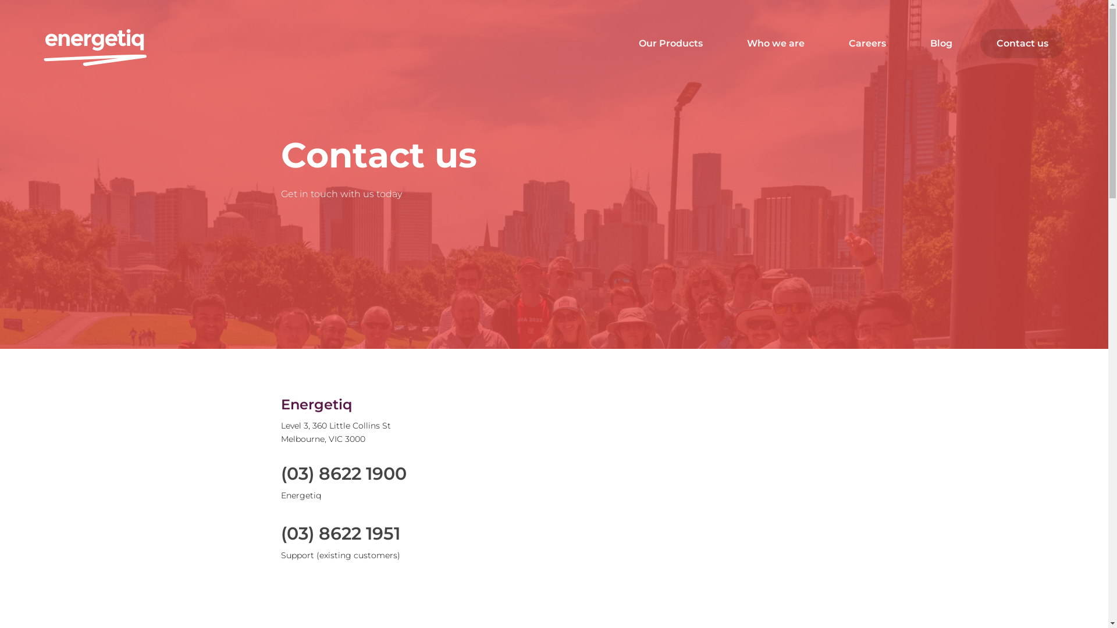 The width and height of the screenshot is (1117, 628). What do you see at coordinates (867, 42) in the screenshot?
I see `'Careers'` at bounding box center [867, 42].